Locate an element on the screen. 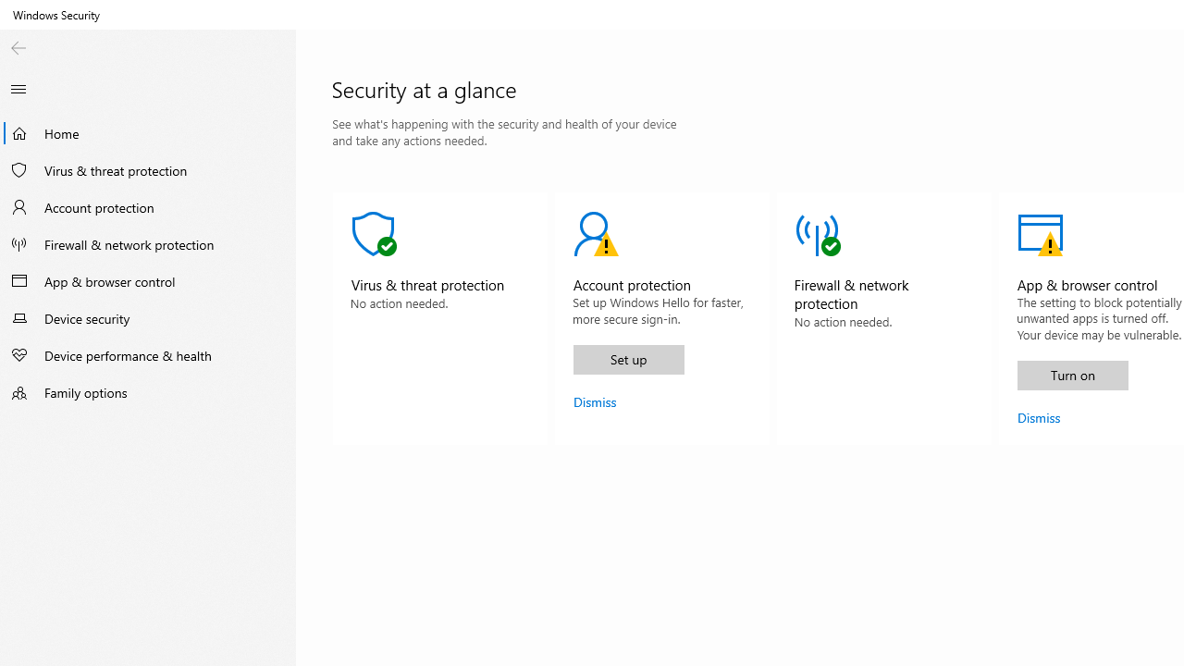 The image size is (1184, 666). 'Home' is located at coordinates (148, 132).